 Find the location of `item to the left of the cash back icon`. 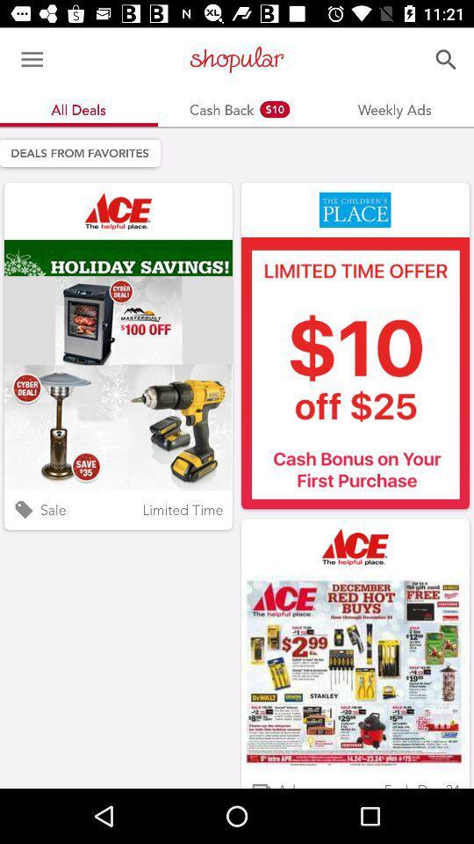

item to the left of the cash back icon is located at coordinates (32, 60).